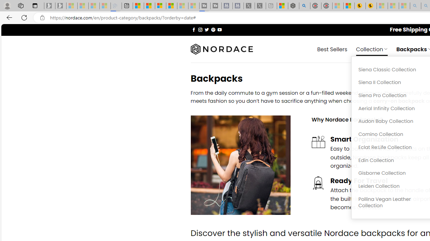 This screenshot has width=430, height=241. Describe the element at coordinates (193, 29) in the screenshot. I see `'Follow on Facebook'` at that location.